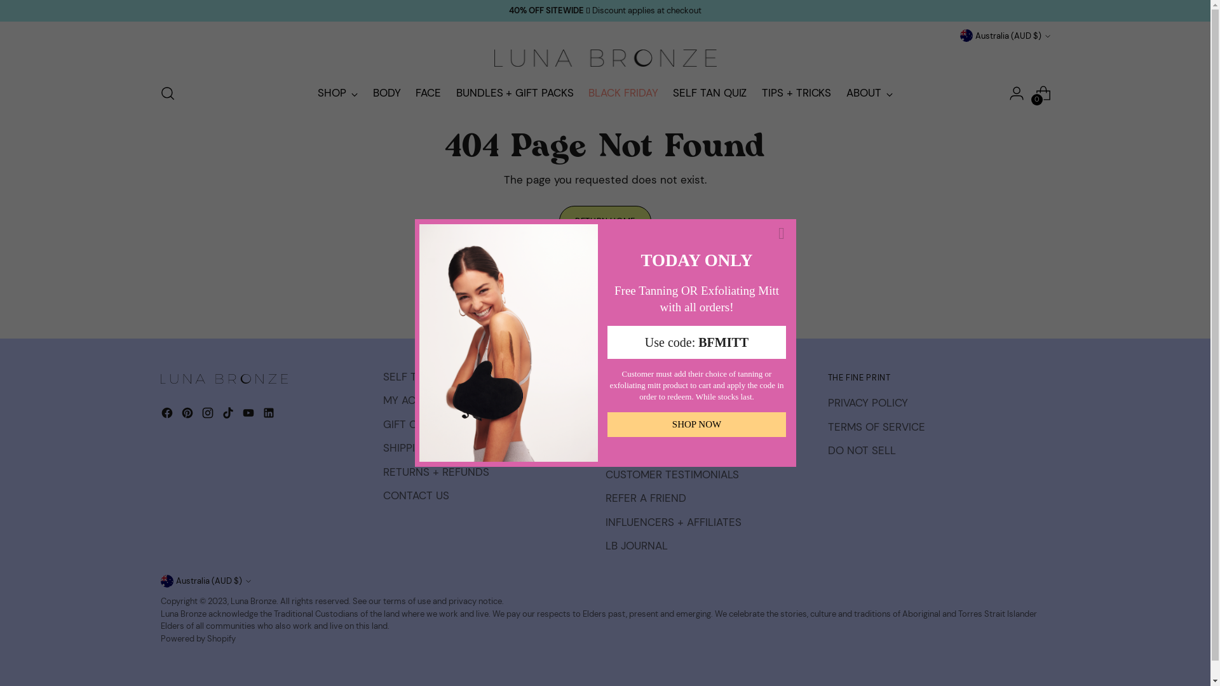 This screenshot has width=1220, height=686. What do you see at coordinates (197, 638) in the screenshot?
I see `'Powered by Shopify'` at bounding box center [197, 638].